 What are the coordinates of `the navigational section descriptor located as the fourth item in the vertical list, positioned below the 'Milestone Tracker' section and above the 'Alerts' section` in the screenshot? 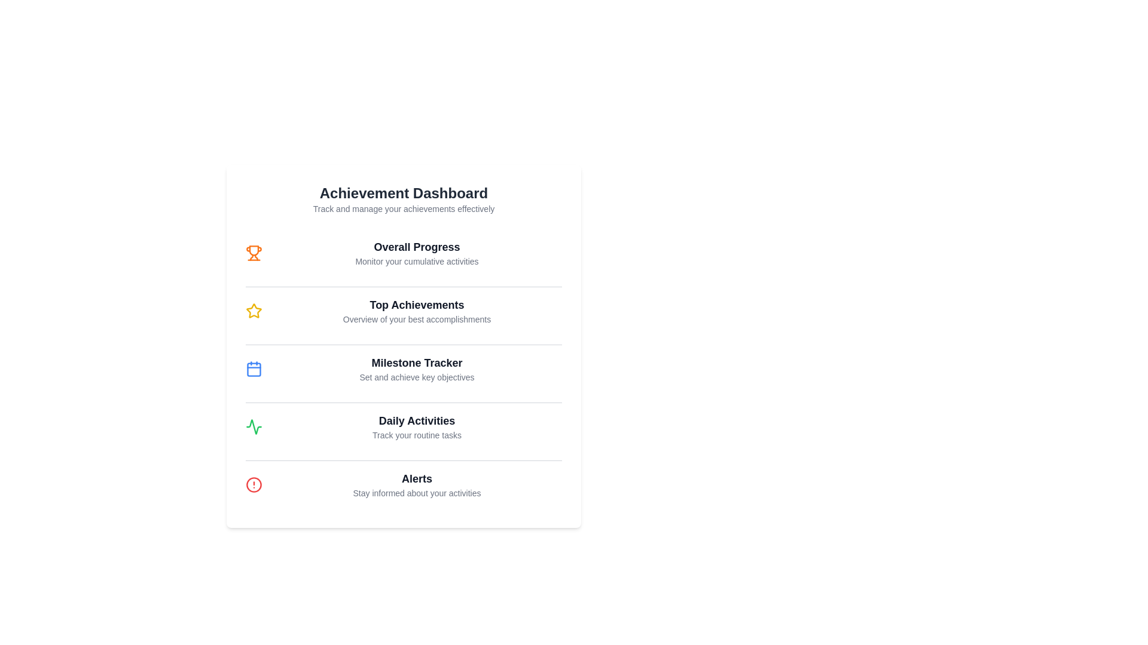 It's located at (404, 426).